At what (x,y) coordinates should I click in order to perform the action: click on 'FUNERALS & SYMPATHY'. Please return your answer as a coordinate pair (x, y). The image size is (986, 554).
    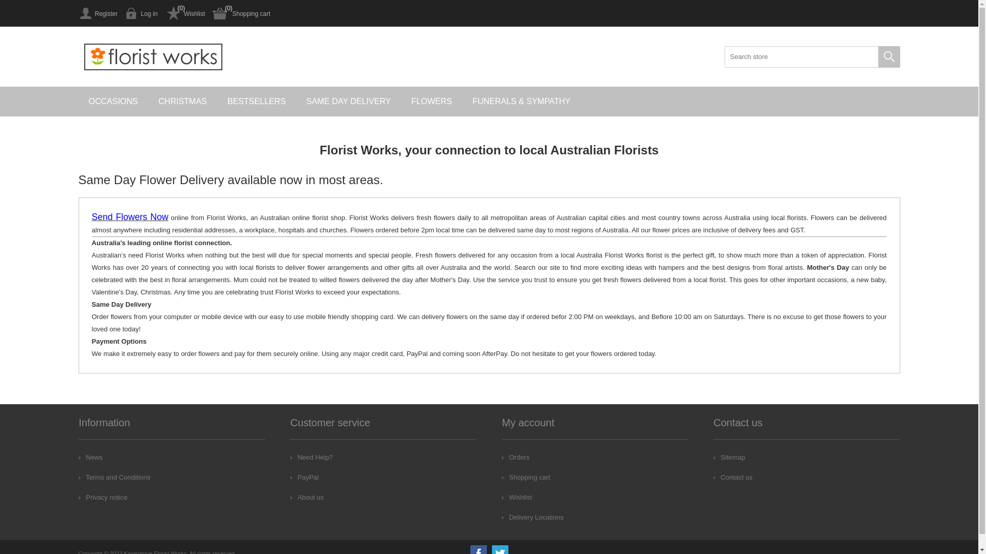
    Looking at the image, I should click on (462, 101).